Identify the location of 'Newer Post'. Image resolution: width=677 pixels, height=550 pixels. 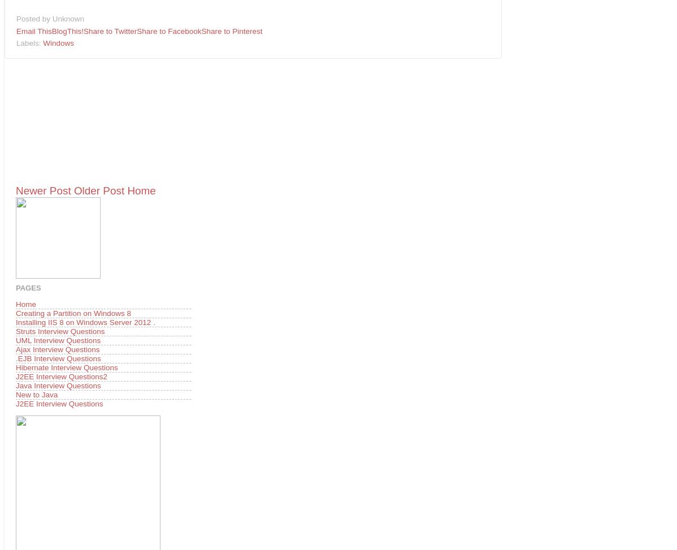
(43, 190).